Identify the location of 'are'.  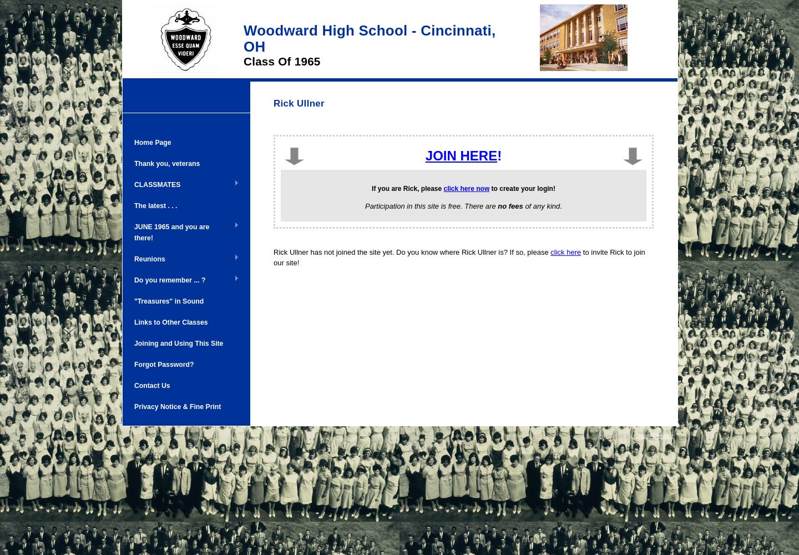
(396, 188).